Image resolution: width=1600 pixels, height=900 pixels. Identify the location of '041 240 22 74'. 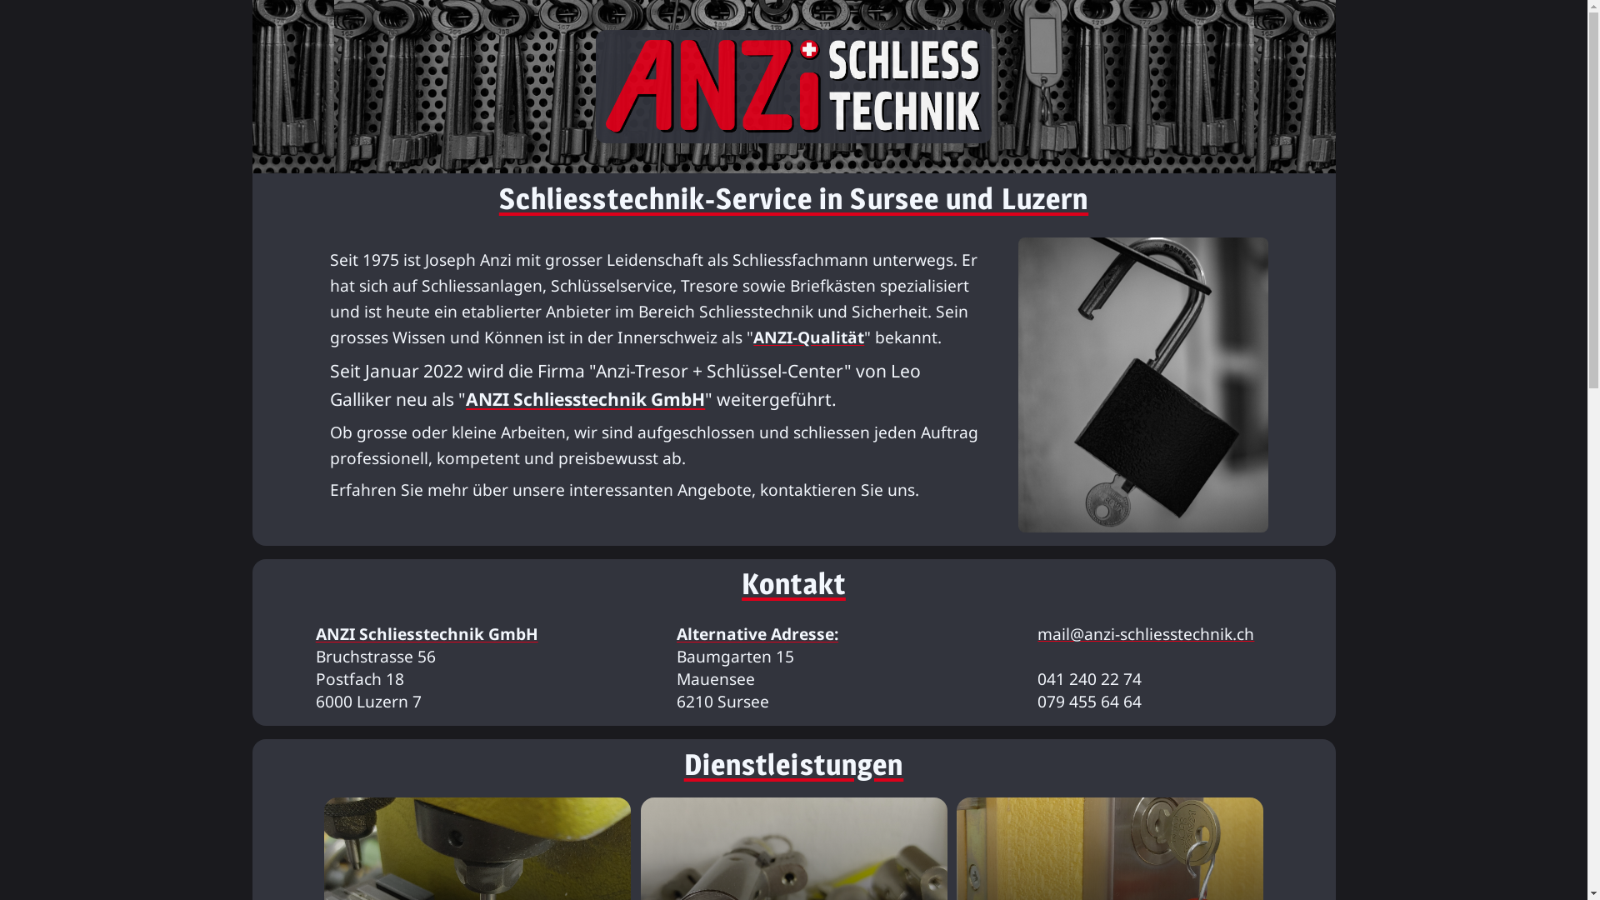
(1036, 678).